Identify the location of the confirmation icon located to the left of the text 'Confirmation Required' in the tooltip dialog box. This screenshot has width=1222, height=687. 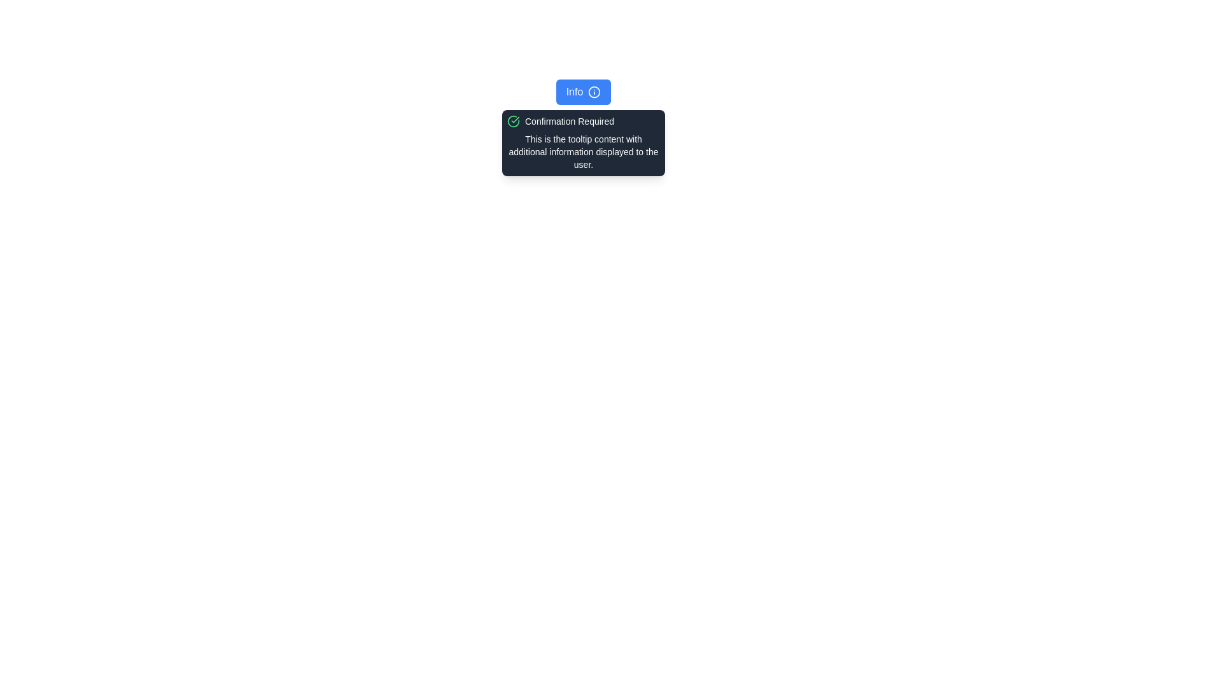
(513, 121).